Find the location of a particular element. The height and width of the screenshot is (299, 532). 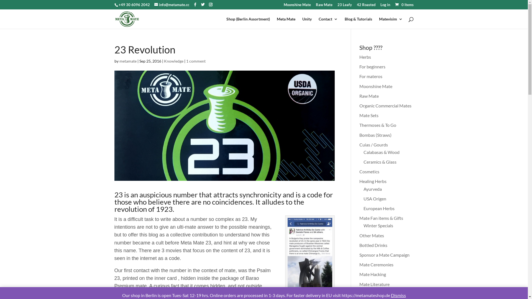

'For beginners' is located at coordinates (372, 66).